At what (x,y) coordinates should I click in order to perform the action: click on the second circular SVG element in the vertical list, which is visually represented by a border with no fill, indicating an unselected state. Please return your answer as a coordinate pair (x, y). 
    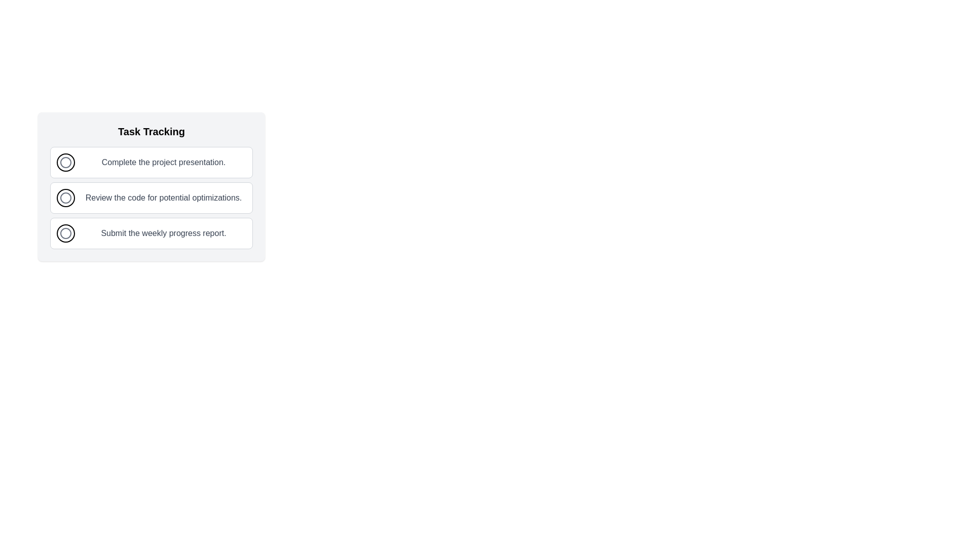
    Looking at the image, I should click on (65, 198).